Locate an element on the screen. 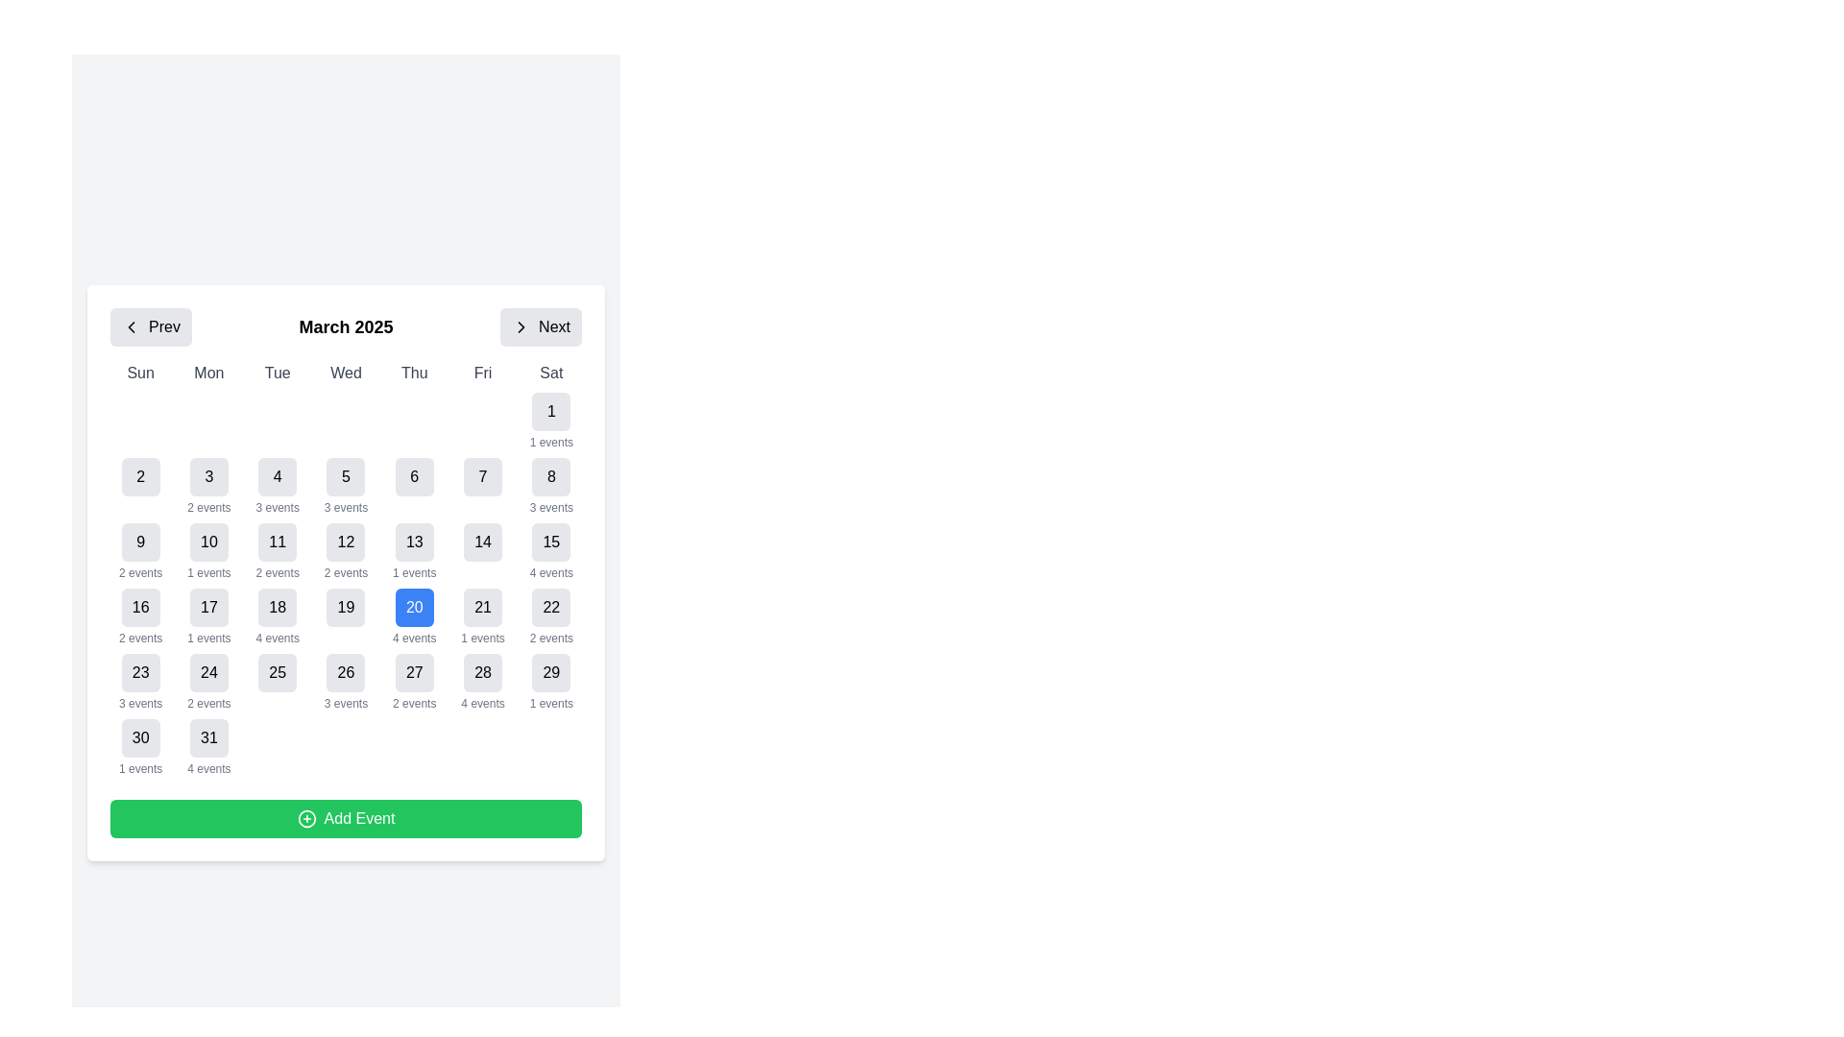 This screenshot has height=1037, width=1844. the Calendar Date Item displaying the number '26' is located at coordinates (346, 681).